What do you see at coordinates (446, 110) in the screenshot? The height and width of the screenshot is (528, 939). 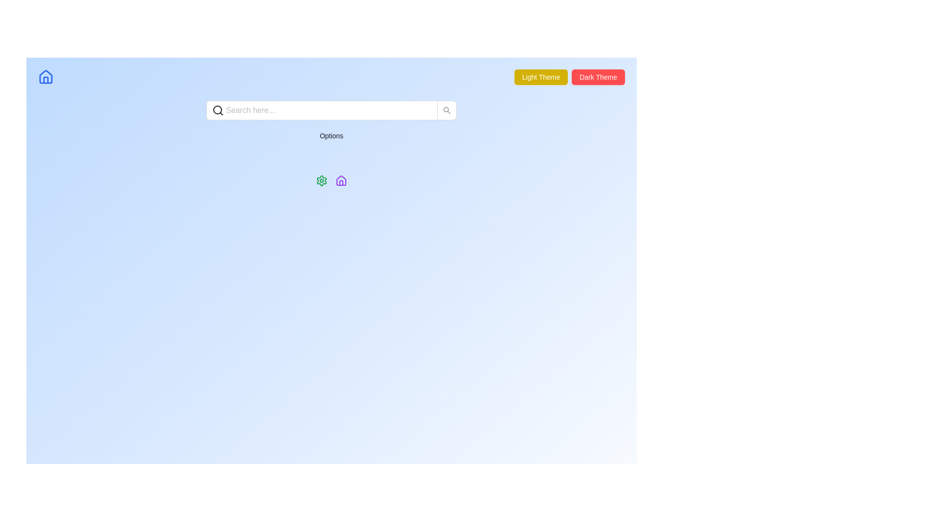 I see `the search button located at the far right of the search bar` at bounding box center [446, 110].